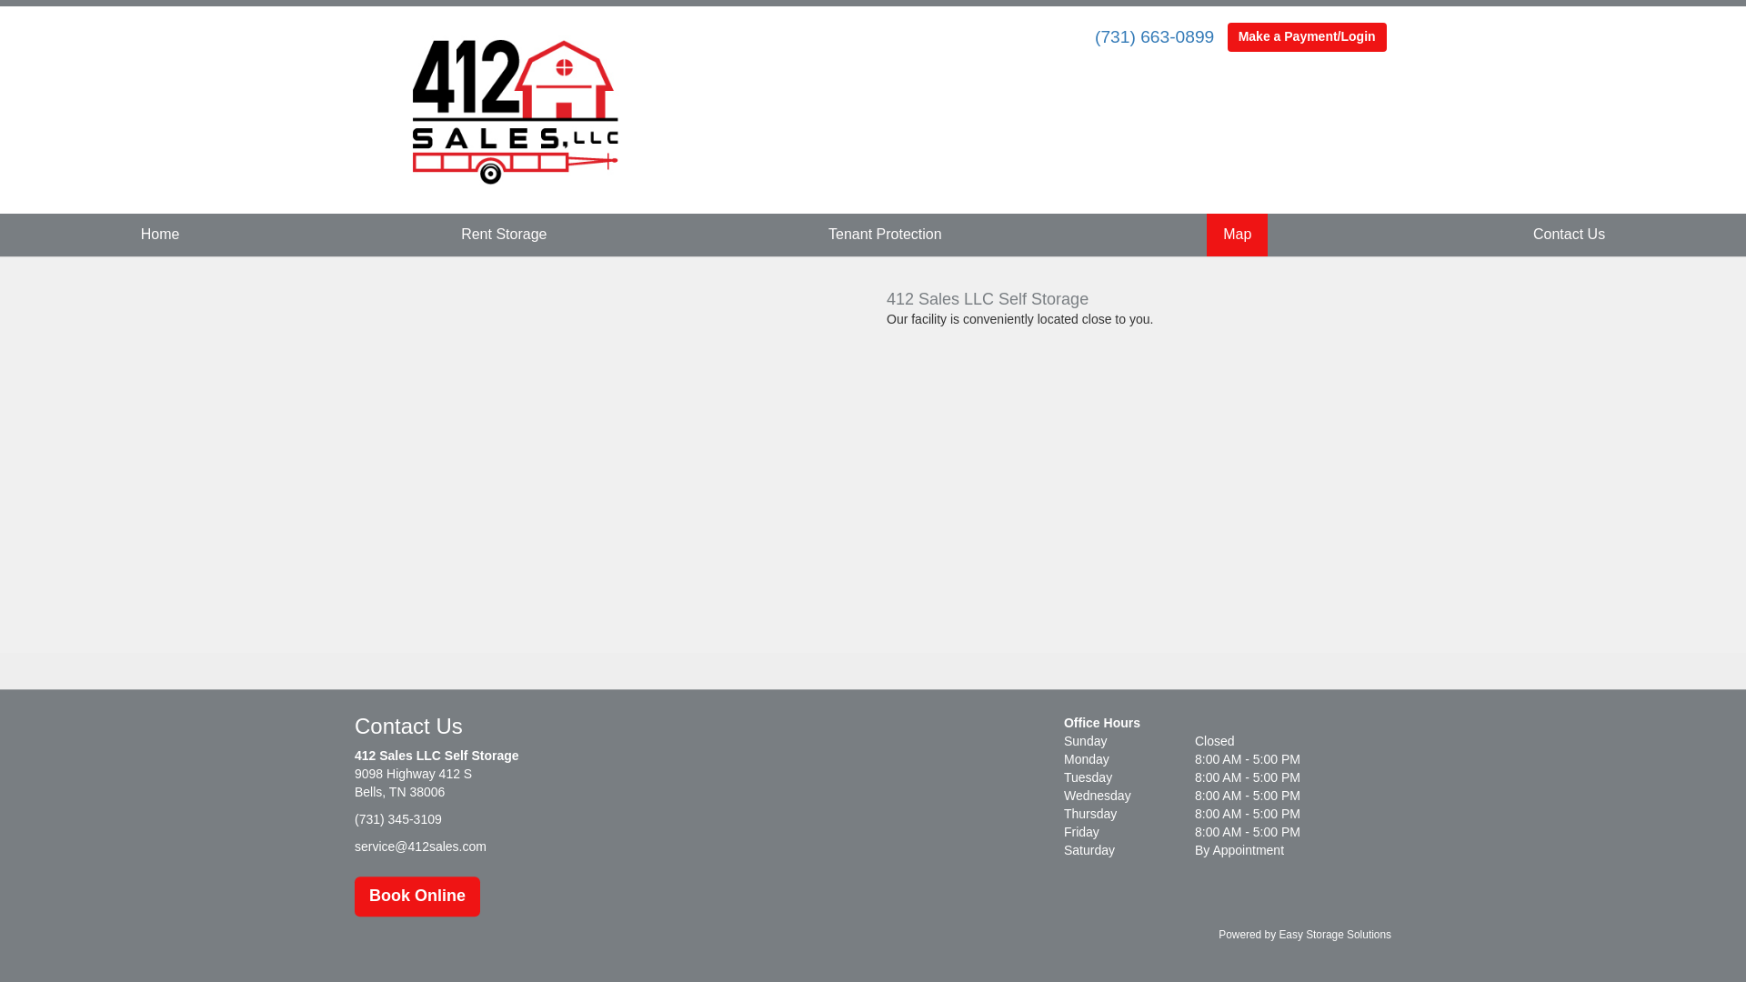 The image size is (1746, 982). Describe the element at coordinates (1153, 36) in the screenshot. I see `'(731) 663-0899'` at that location.